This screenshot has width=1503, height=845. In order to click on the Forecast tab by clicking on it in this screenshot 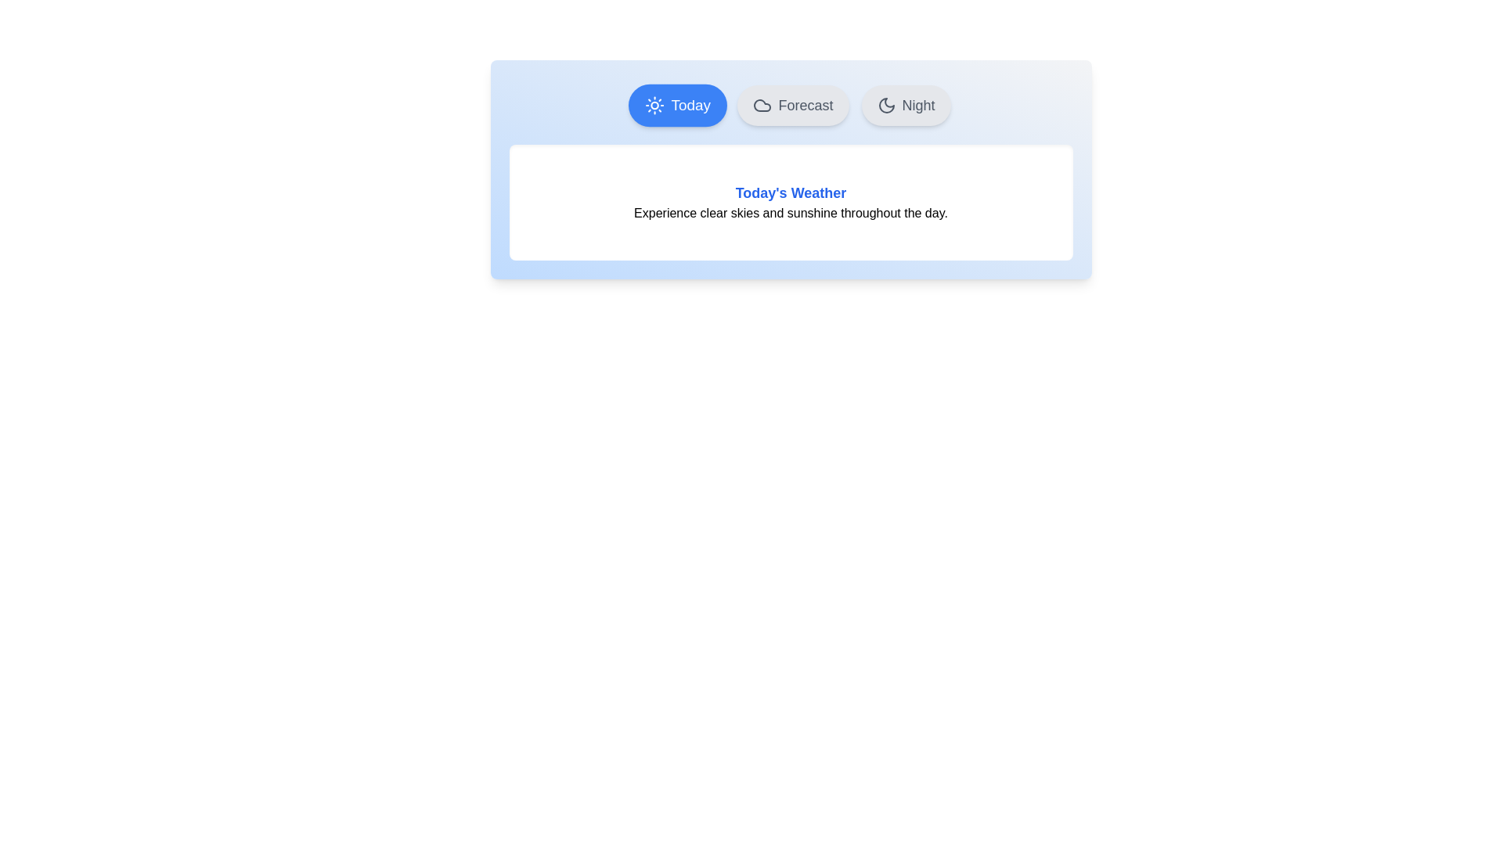, I will do `click(793, 106)`.